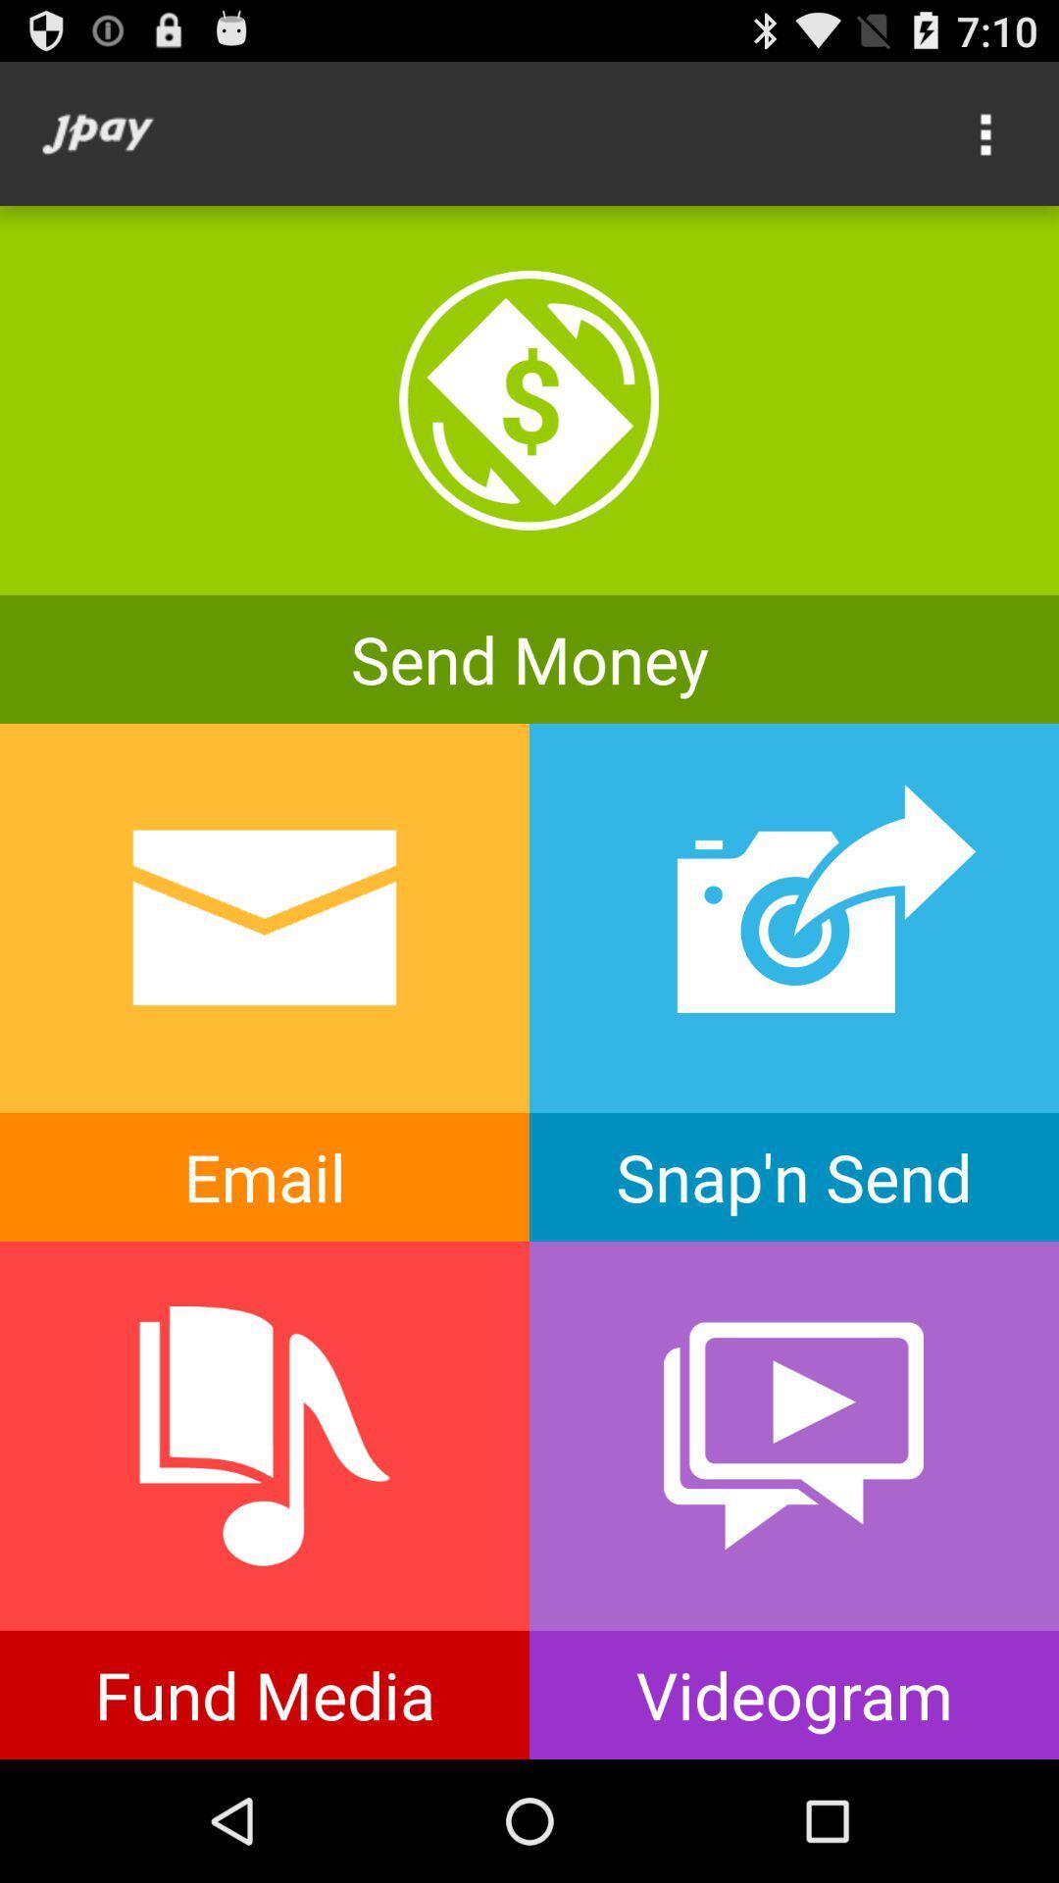 Image resolution: width=1059 pixels, height=1883 pixels. Describe the element at coordinates (265, 983) in the screenshot. I see `email` at that location.